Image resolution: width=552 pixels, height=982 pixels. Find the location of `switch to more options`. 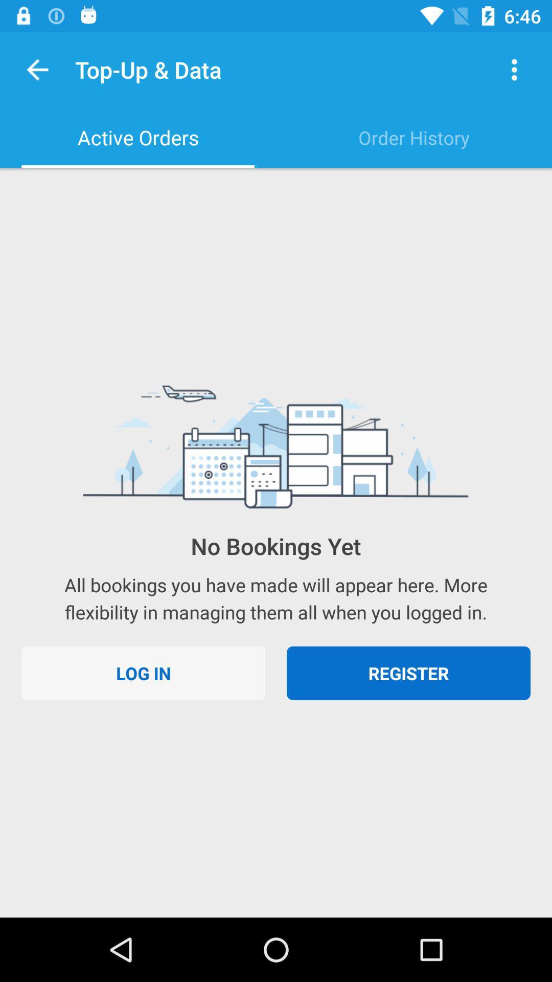

switch to more options is located at coordinates (514, 69).